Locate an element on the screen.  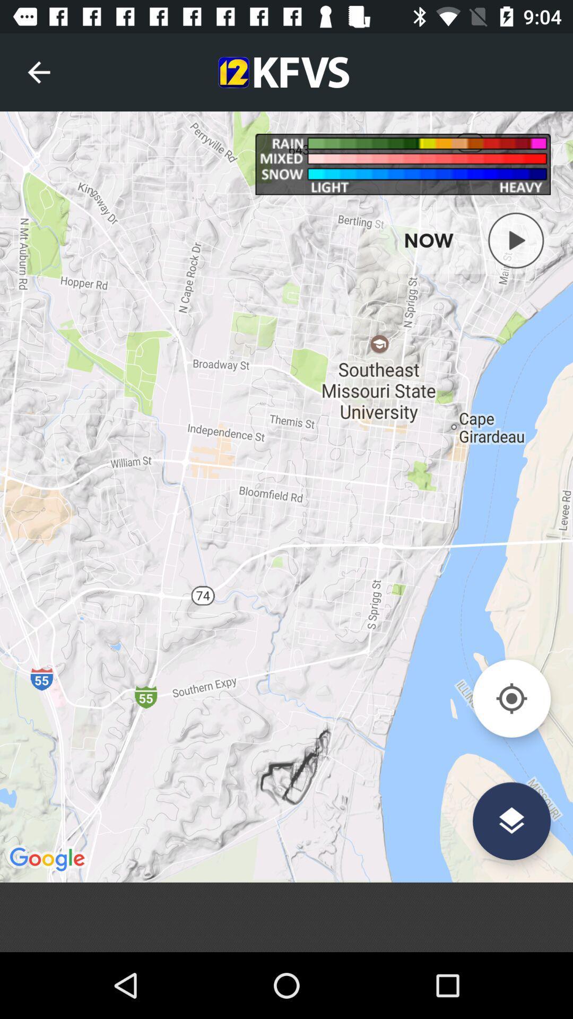
the layers icon is located at coordinates (511, 821).